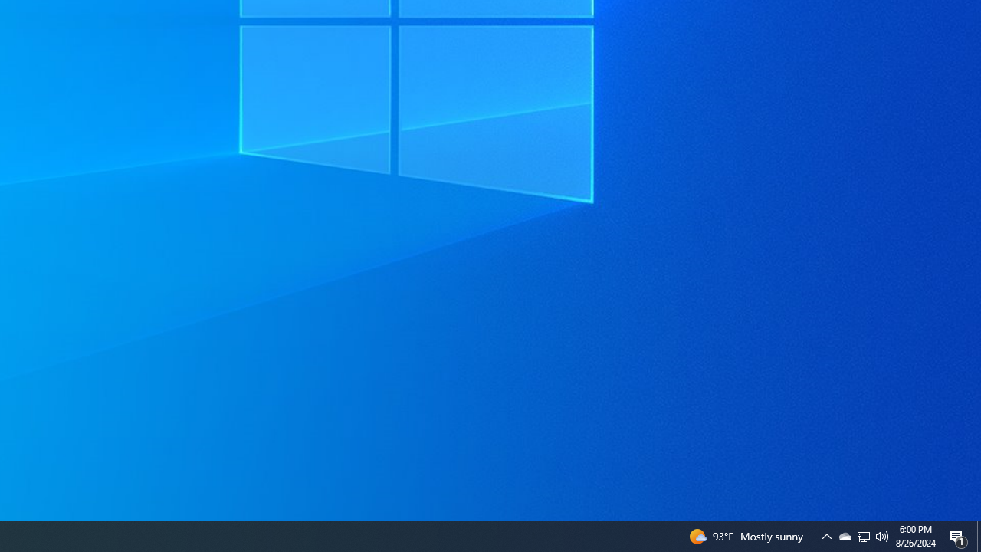  Describe the element at coordinates (958, 535) in the screenshot. I see `'Action Center, 1 new notification'` at that location.